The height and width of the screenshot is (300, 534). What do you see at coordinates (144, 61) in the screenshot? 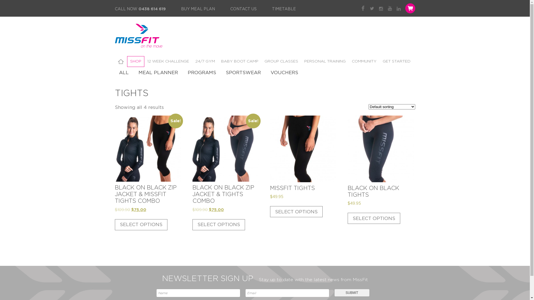
I see `'12 WEEK CHALLENGE'` at bounding box center [144, 61].